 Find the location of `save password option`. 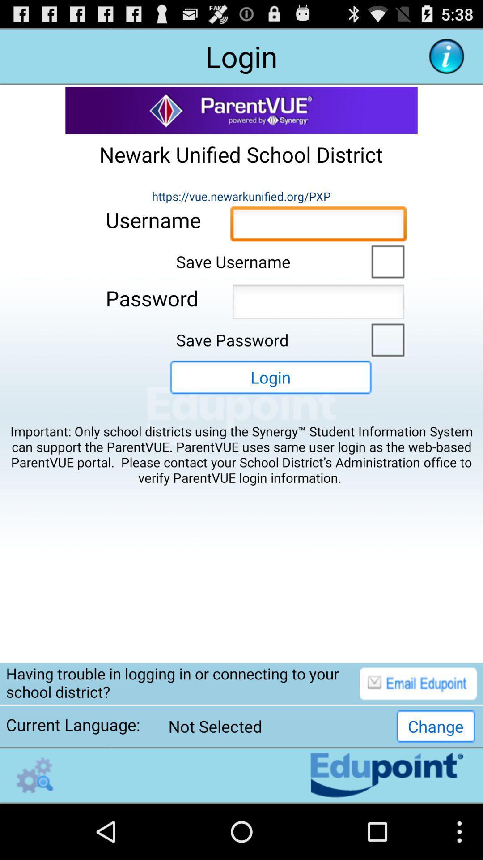

save password option is located at coordinates (385, 339).